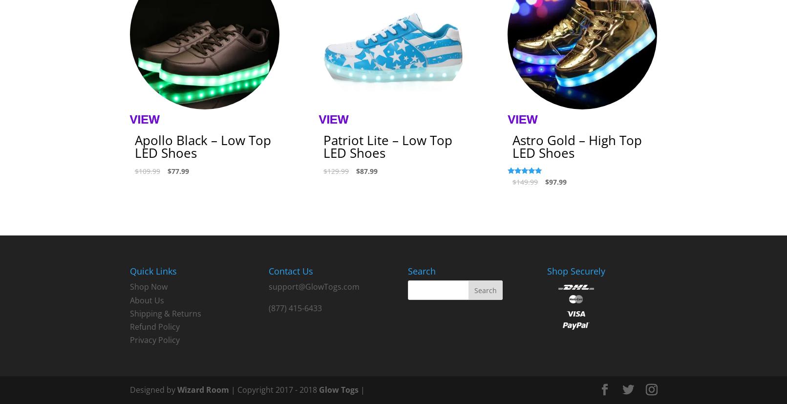 The height and width of the screenshot is (404, 787). What do you see at coordinates (154, 326) in the screenshot?
I see `'Refund Policy'` at bounding box center [154, 326].